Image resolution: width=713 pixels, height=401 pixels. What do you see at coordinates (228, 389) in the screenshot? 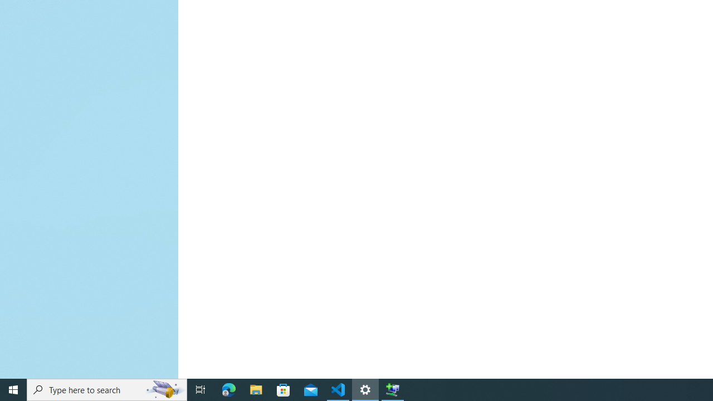
I see `'Microsoft Edge'` at bounding box center [228, 389].